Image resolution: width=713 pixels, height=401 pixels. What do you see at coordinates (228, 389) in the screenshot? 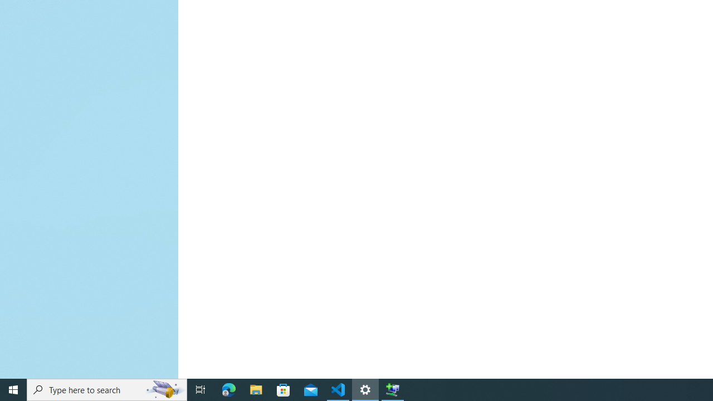
I see `'Microsoft Edge'` at bounding box center [228, 389].